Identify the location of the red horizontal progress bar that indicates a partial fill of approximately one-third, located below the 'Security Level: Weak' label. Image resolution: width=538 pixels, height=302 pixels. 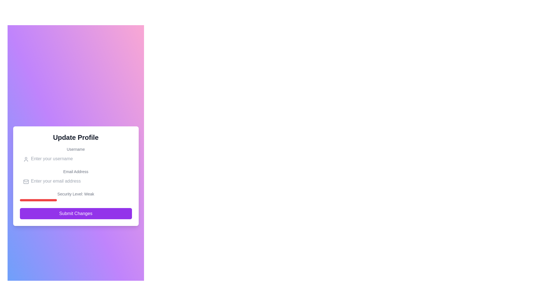
(38, 200).